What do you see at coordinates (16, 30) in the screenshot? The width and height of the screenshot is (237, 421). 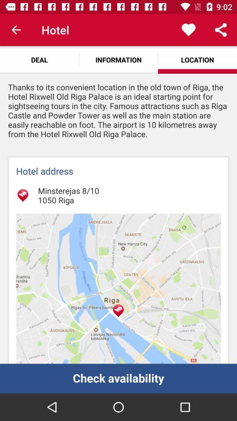 I see `the item above the deal item` at bounding box center [16, 30].